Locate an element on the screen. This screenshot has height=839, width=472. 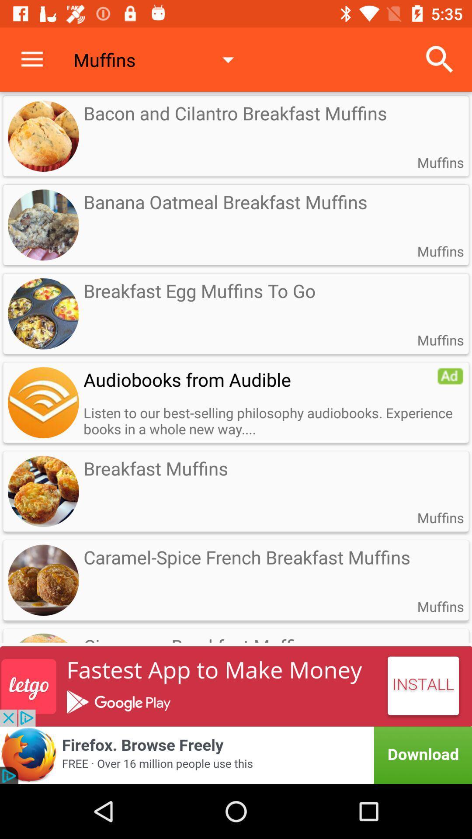
click audible advertisement is located at coordinates (450, 376).